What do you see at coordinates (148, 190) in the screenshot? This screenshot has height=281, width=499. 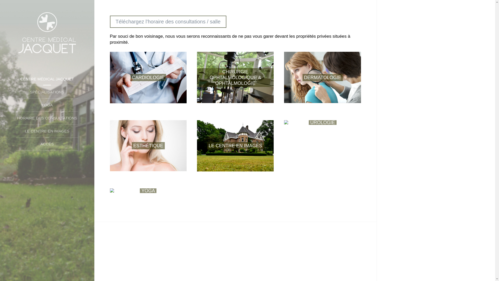 I see `'YOGA'` at bounding box center [148, 190].